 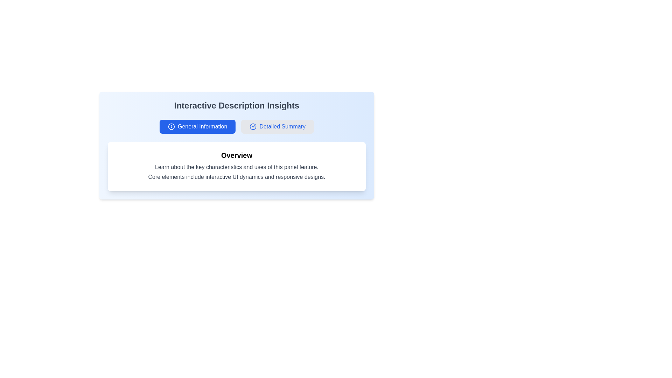 I want to click on the Informational panel located below the 'Interactive Description Insights' title and between the 'General Information' and 'Detailed Summary' buttons, so click(x=237, y=166).